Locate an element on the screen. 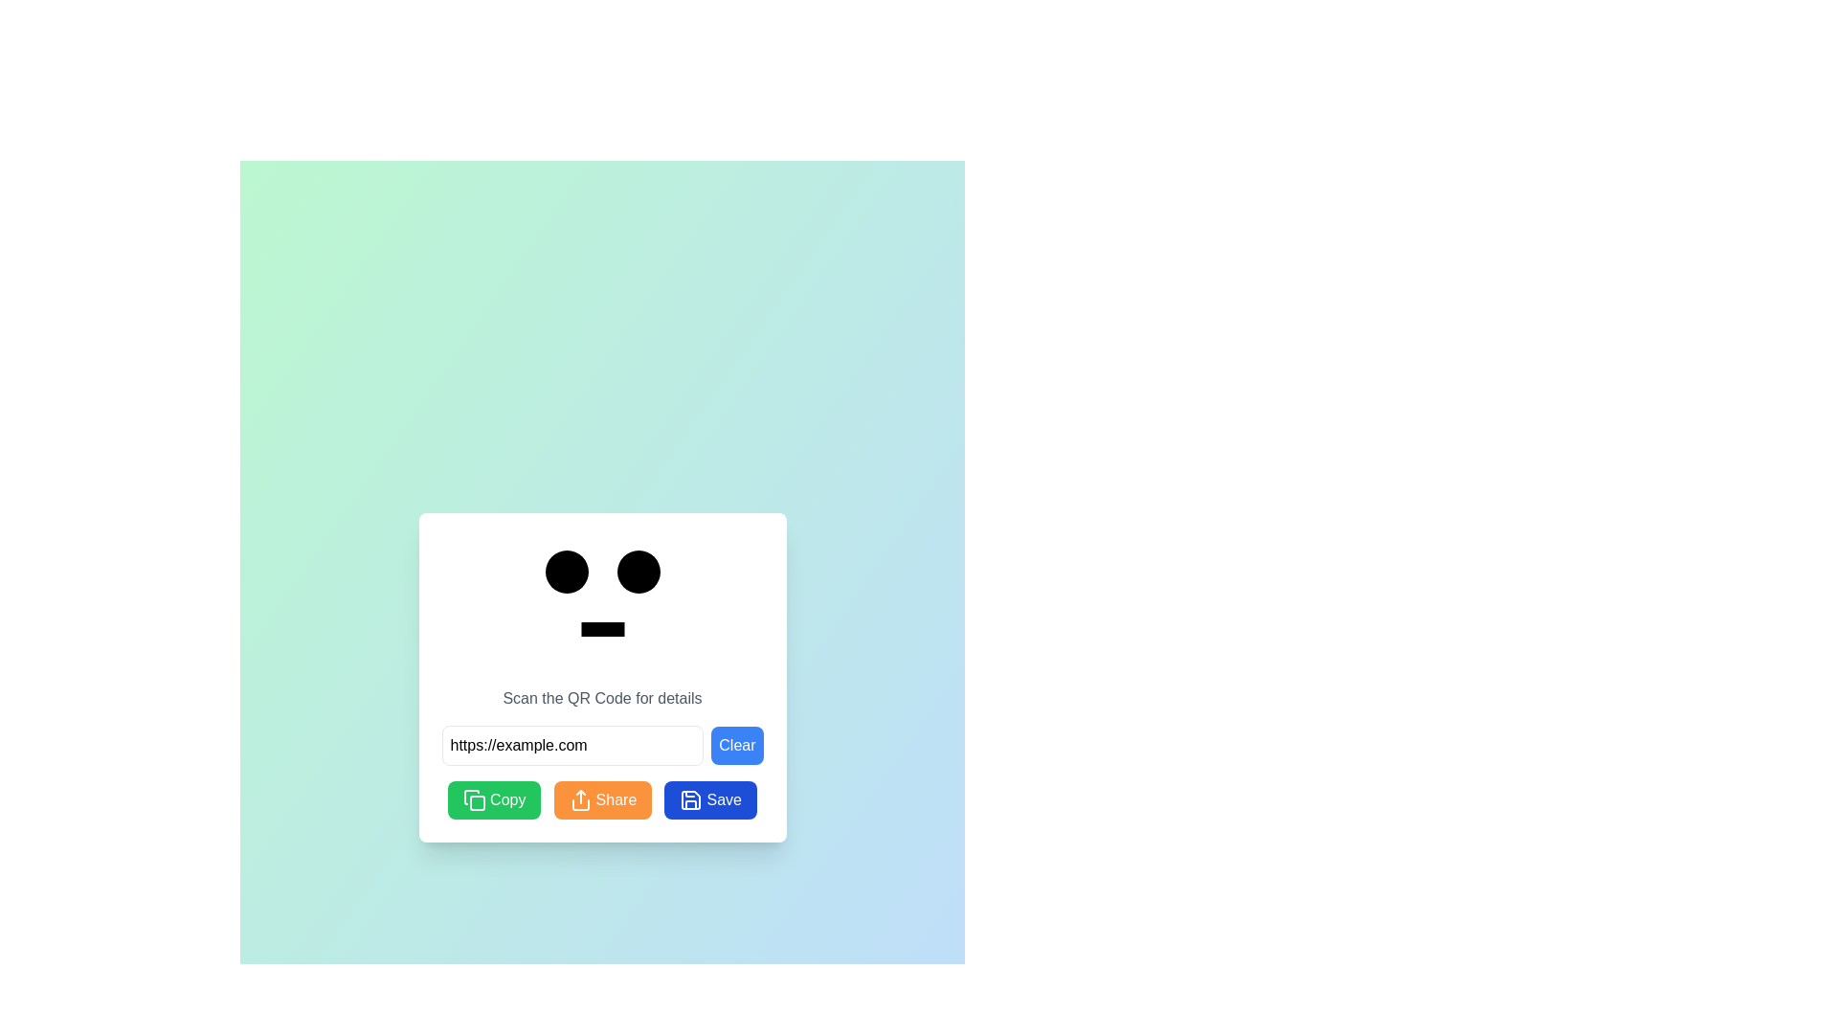  the static text label that reads 'Scan the QR Code for details', which is styled in gray and positioned beneath a QR code representation is located at coordinates (601, 698).